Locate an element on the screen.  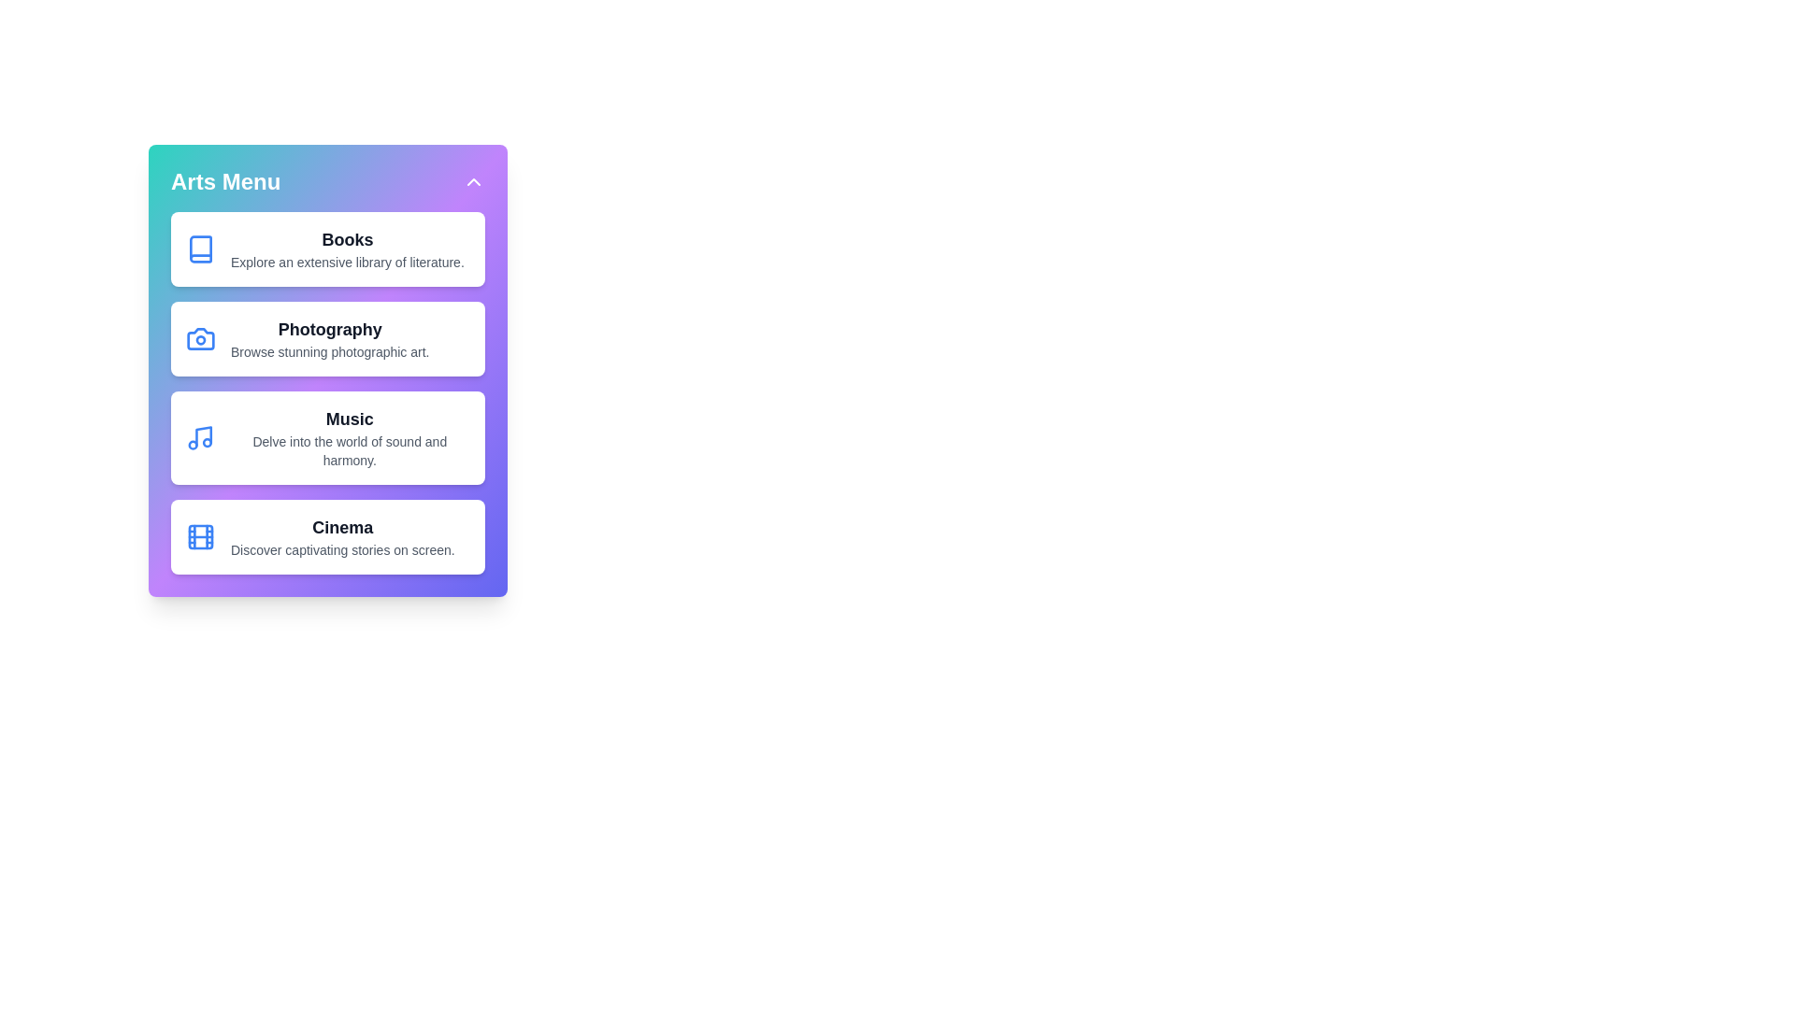
the Photography category card in the CreativeArtsMenu component is located at coordinates (327, 338).